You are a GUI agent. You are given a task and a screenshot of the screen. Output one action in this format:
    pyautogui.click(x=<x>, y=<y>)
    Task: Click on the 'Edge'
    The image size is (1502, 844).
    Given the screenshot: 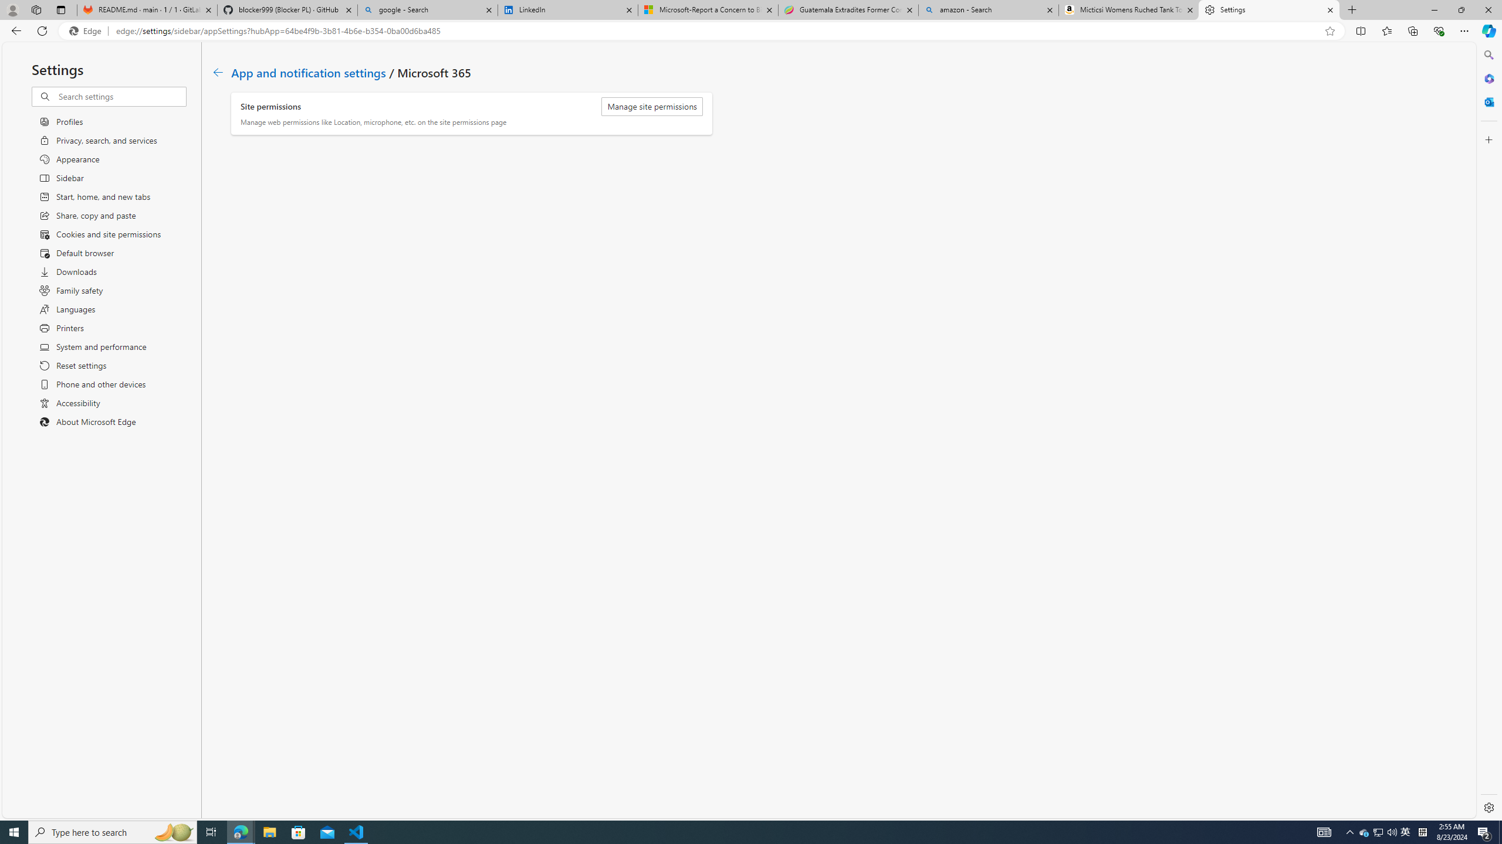 What is the action you would take?
    pyautogui.click(x=87, y=31)
    